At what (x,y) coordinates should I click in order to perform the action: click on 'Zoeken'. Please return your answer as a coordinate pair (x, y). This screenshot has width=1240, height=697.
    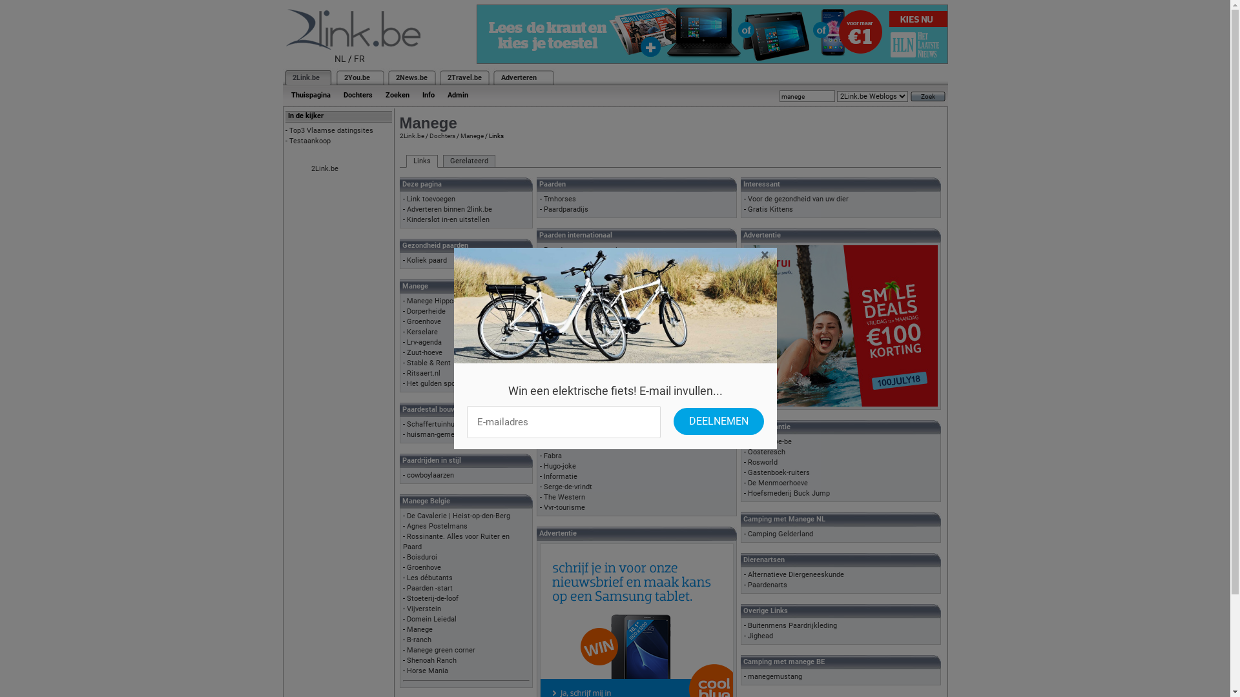
    Looking at the image, I should click on (396, 94).